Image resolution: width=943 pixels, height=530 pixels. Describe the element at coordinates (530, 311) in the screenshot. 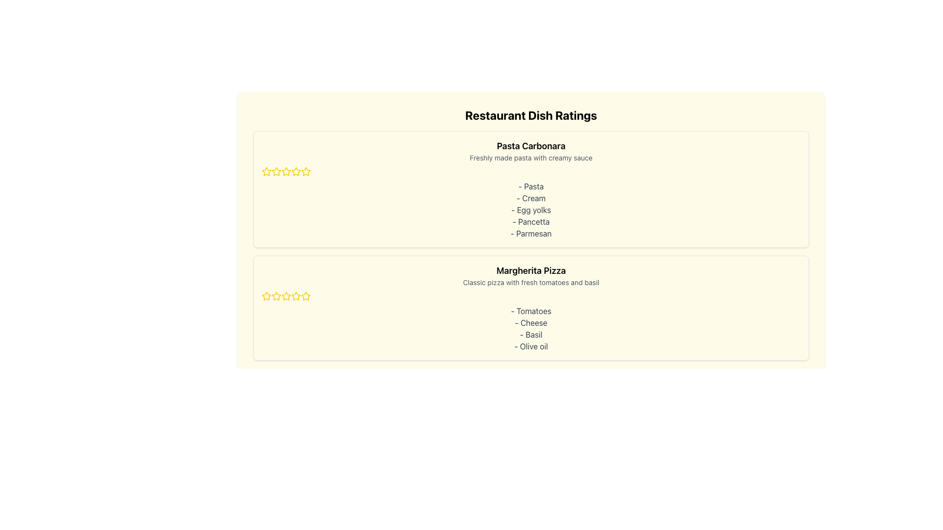

I see `text label '- Tomatoes', which is the first item in the list of ingredients for 'Margherita Pizza'` at that location.